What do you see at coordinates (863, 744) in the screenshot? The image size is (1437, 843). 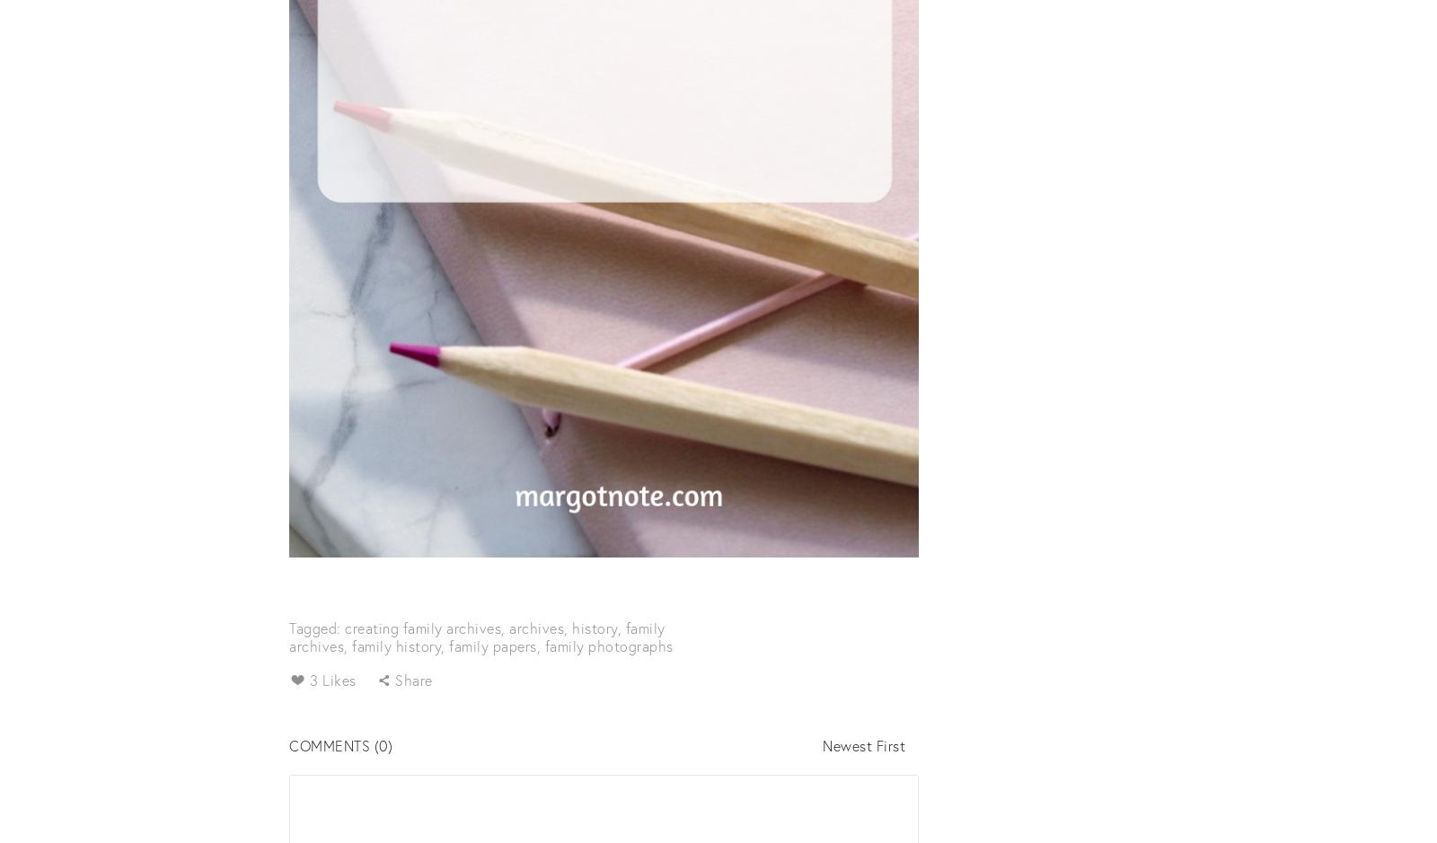 I see `'Newest First'` at bounding box center [863, 744].